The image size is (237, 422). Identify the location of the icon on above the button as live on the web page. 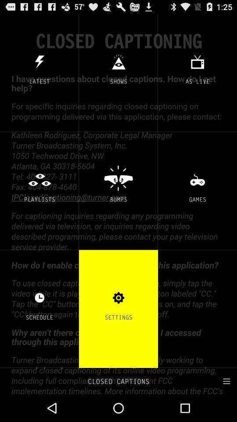
(197, 61).